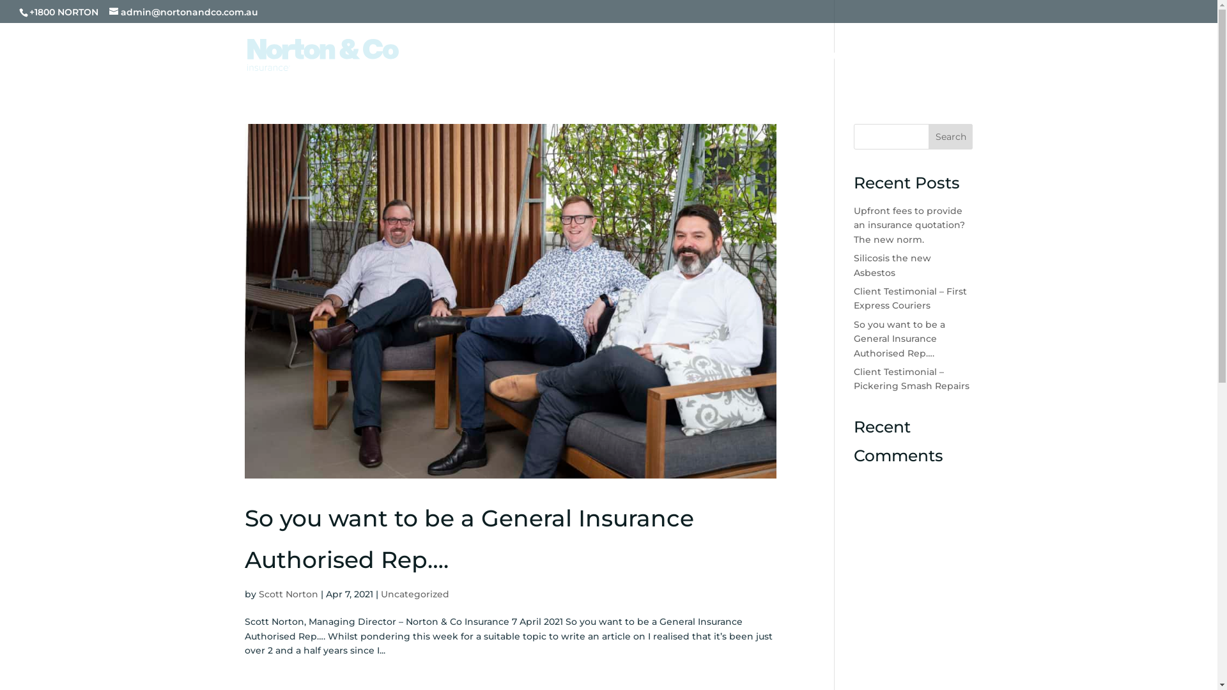  Describe the element at coordinates (287, 594) in the screenshot. I see `'Scott Norton'` at that location.